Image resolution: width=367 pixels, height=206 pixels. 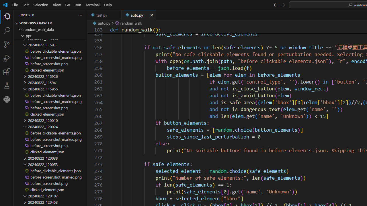 What do you see at coordinates (283, 5) in the screenshot?
I see `'Go Forward (Alt+RightArrow)'` at bounding box center [283, 5].